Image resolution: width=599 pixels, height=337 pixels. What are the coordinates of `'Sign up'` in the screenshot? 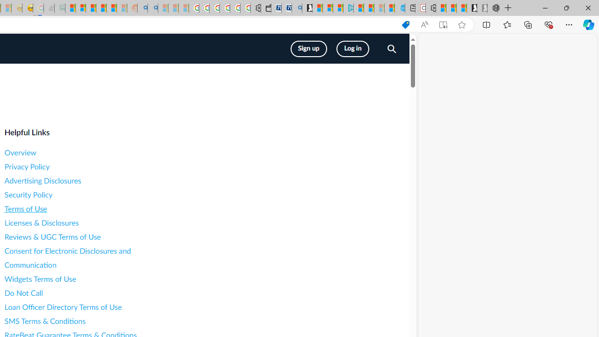 It's located at (308, 49).